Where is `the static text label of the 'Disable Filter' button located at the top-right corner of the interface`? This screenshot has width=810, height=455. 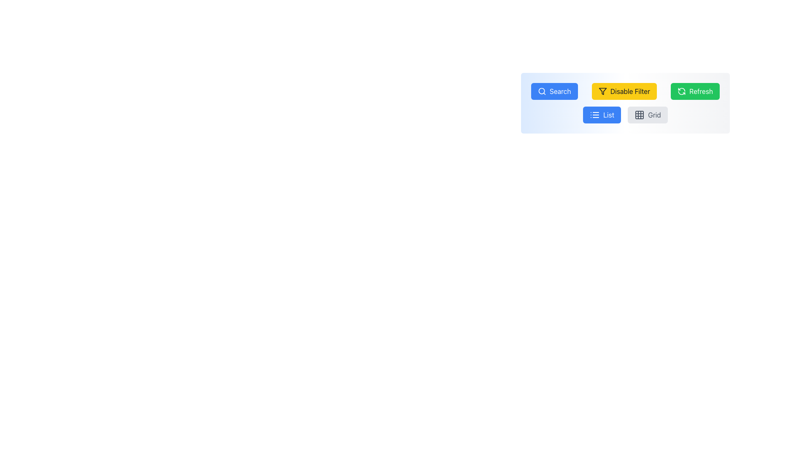 the static text label of the 'Disable Filter' button located at the top-right corner of the interface is located at coordinates (630, 91).